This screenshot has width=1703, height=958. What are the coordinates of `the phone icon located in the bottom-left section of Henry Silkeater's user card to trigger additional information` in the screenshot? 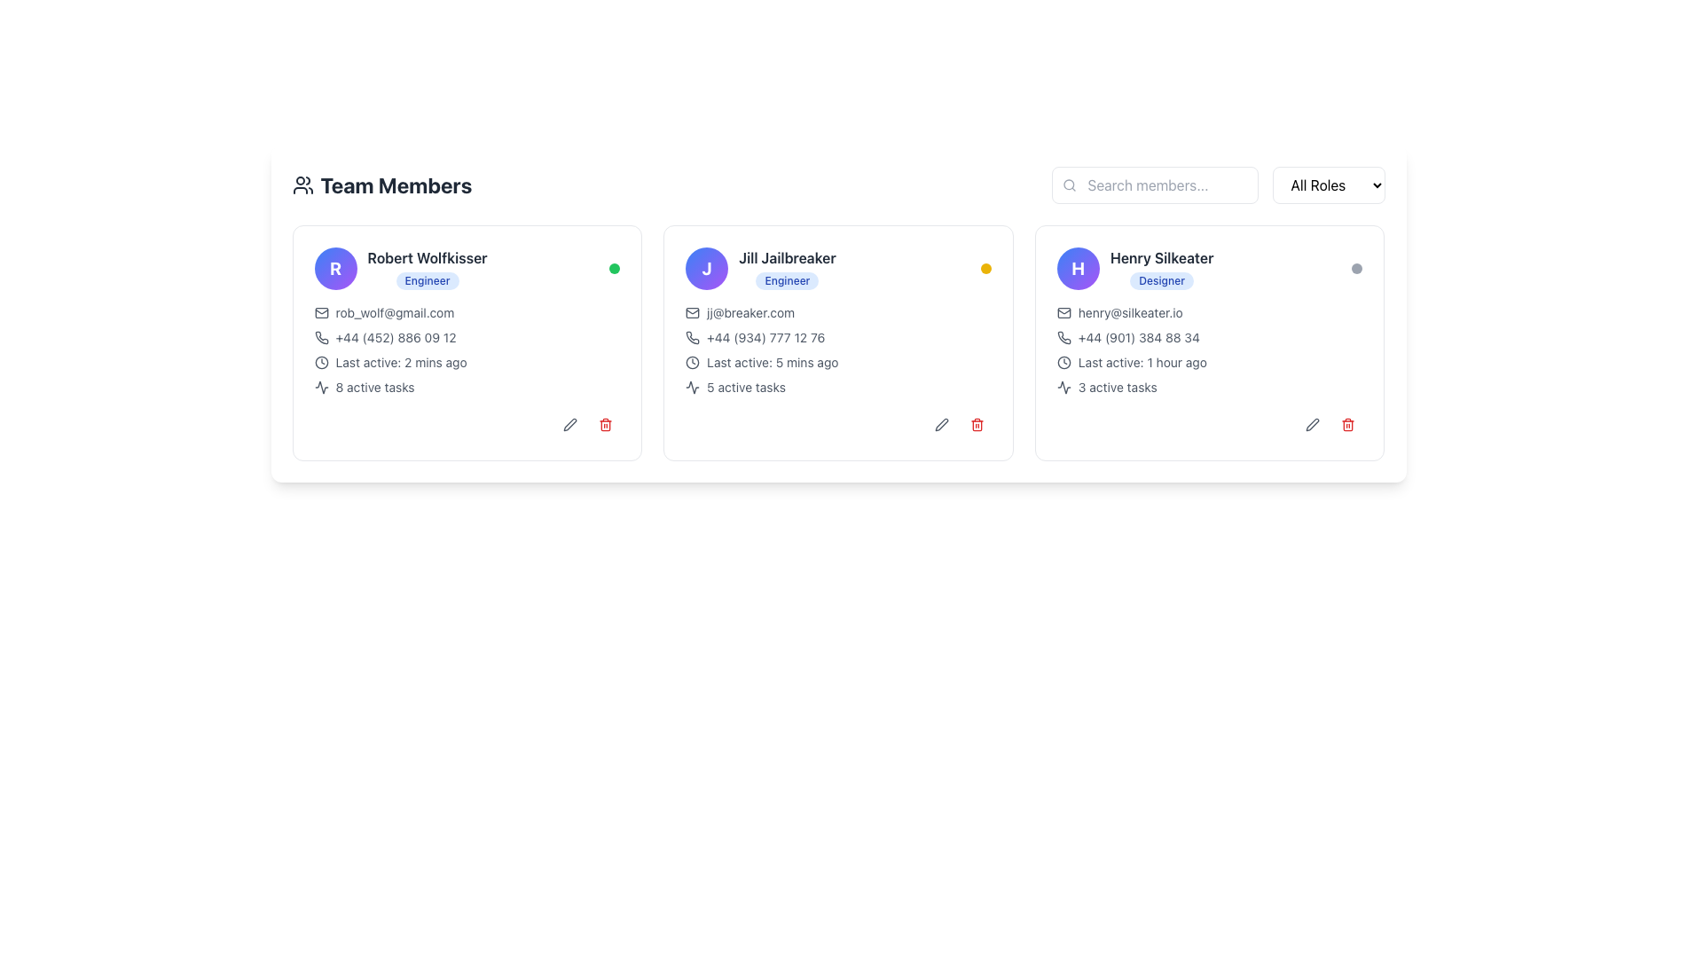 It's located at (1063, 338).